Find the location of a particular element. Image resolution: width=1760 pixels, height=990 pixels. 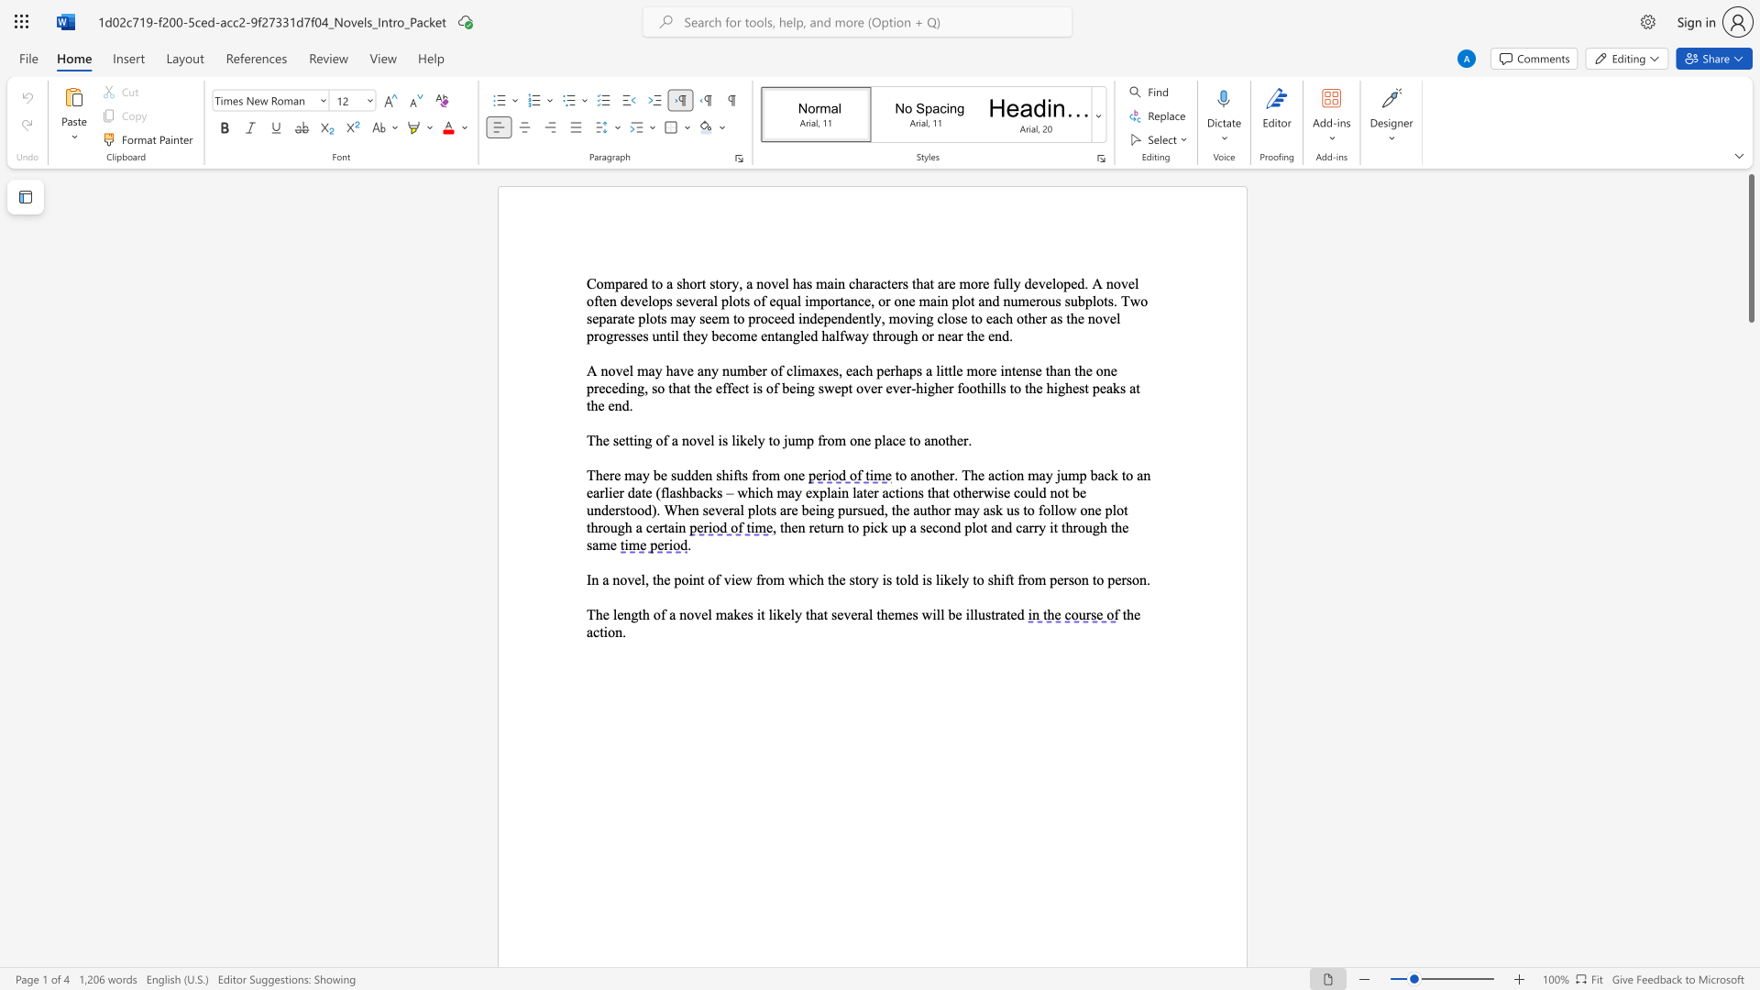

the 1th character "t" in the text is located at coordinates (653, 283).